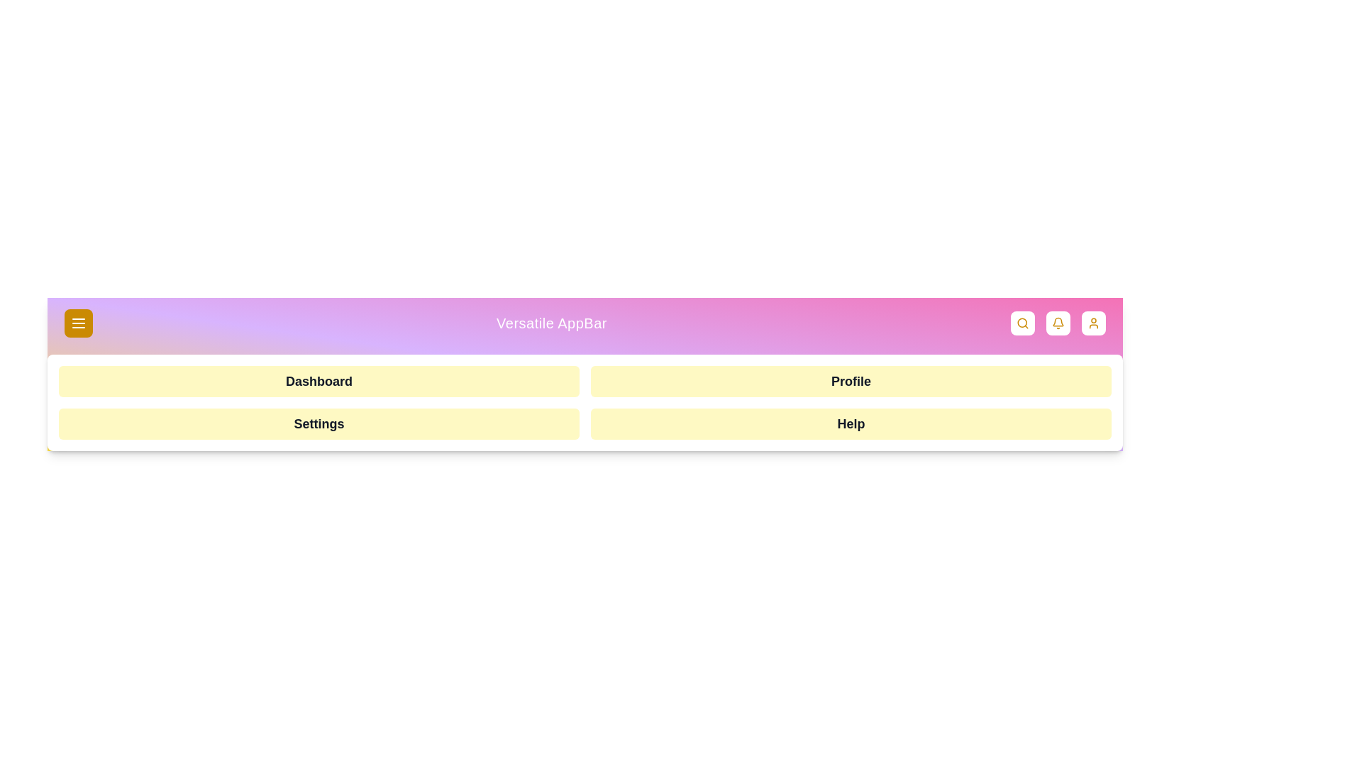  Describe the element at coordinates (319, 380) in the screenshot. I see `the 'Dashboard' option in the navigation menu` at that location.